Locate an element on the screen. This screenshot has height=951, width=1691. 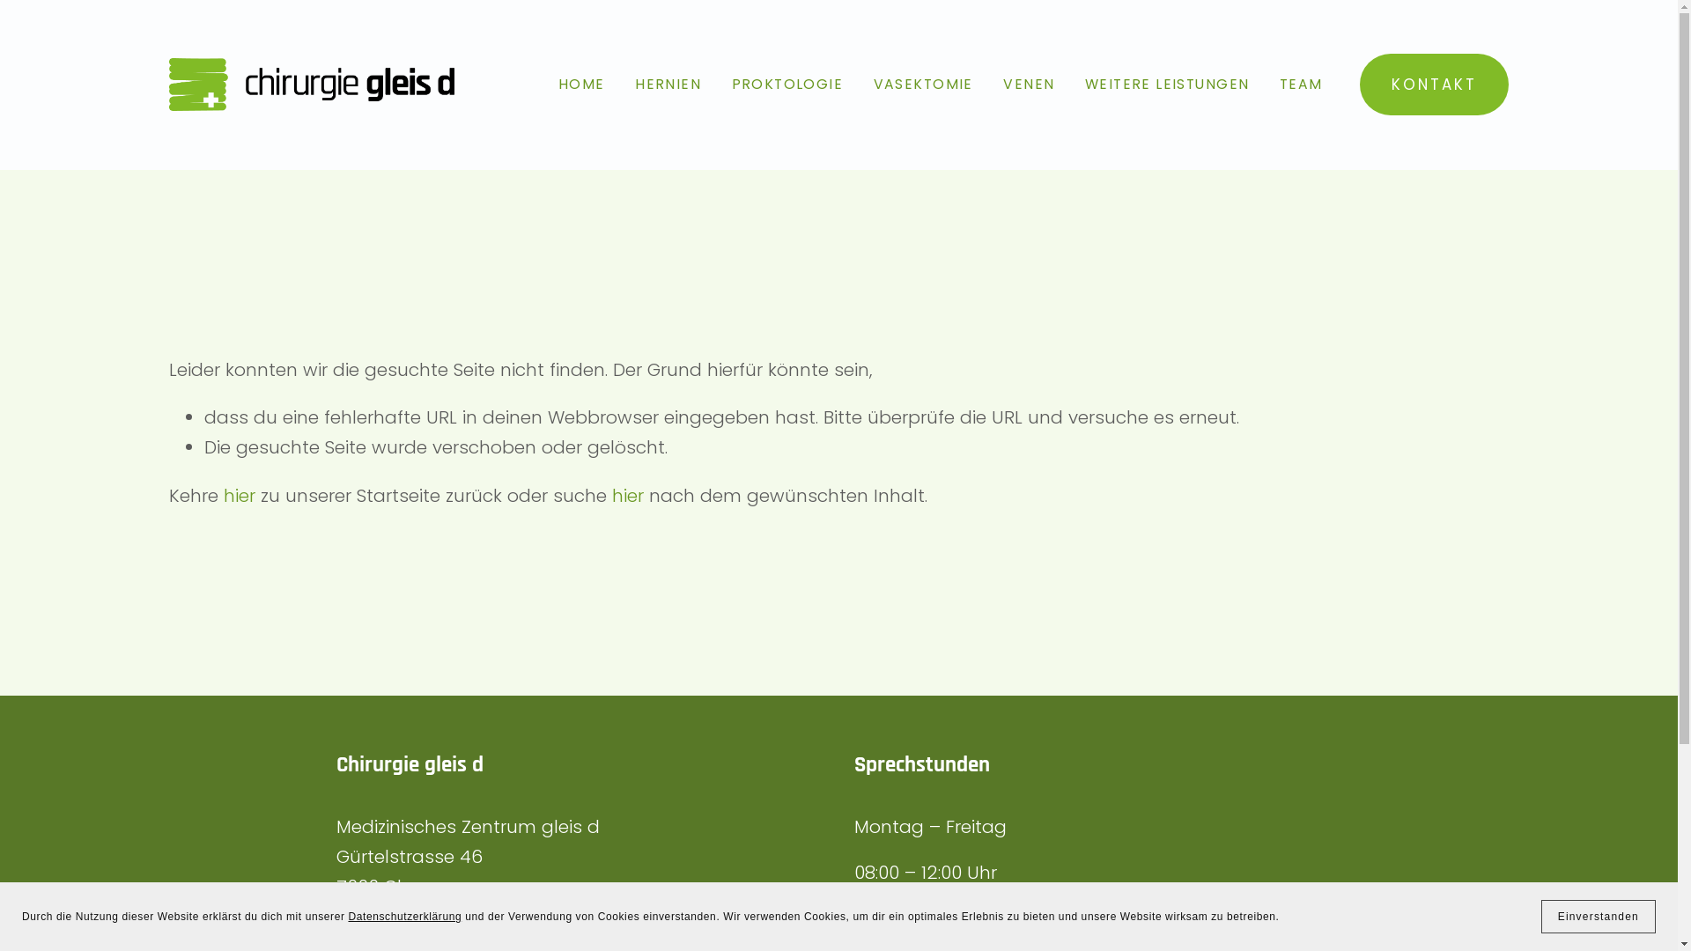
'HOME' is located at coordinates (581, 85).